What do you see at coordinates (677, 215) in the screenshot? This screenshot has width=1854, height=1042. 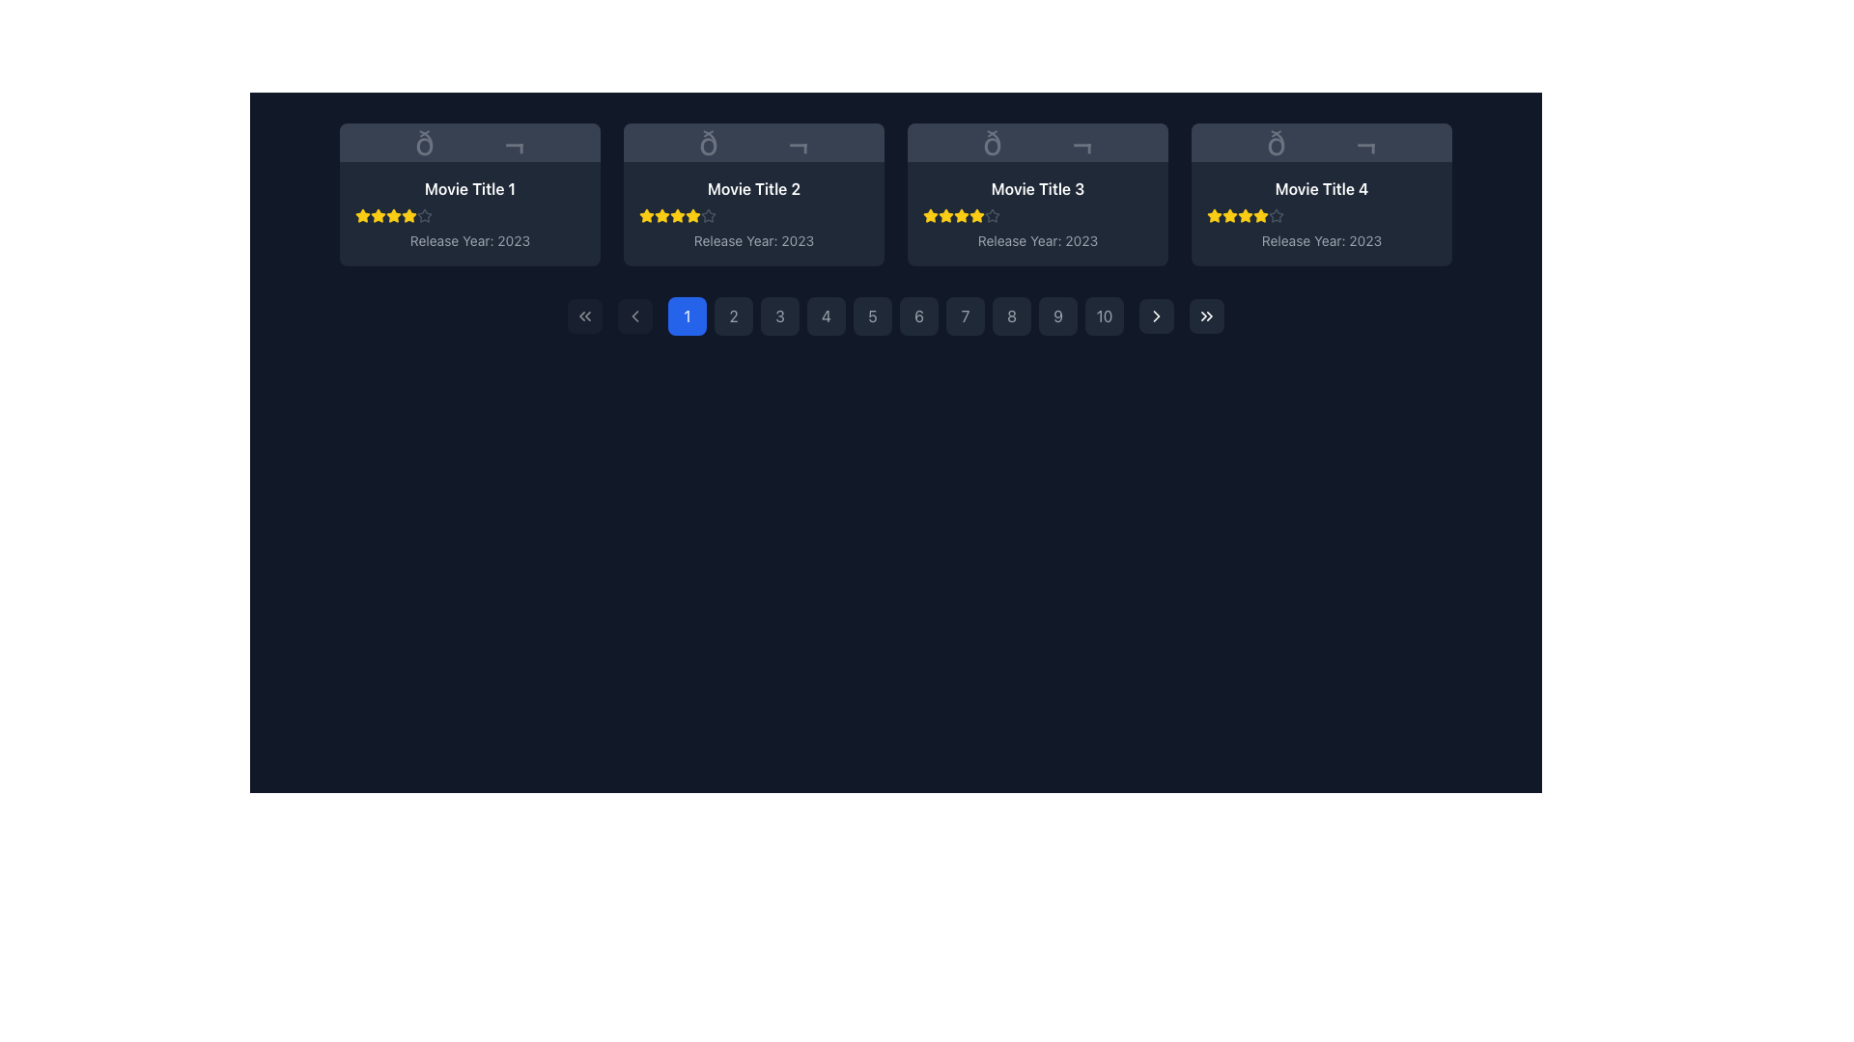 I see `the fifth yellow star icon in the rating section of the card titled 'Movie Title 2'` at bounding box center [677, 215].